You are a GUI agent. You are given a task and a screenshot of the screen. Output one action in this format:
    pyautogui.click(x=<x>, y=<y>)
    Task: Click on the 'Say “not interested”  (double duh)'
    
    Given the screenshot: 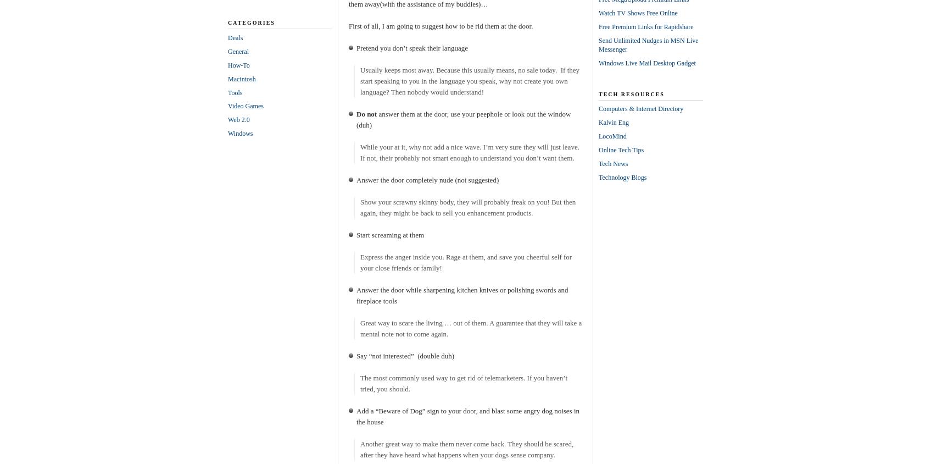 What is the action you would take?
    pyautogui.click(x=404, y=355)
    